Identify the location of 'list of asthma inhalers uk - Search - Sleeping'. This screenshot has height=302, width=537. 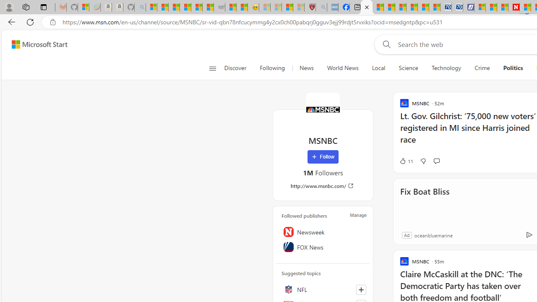
(321, 7).